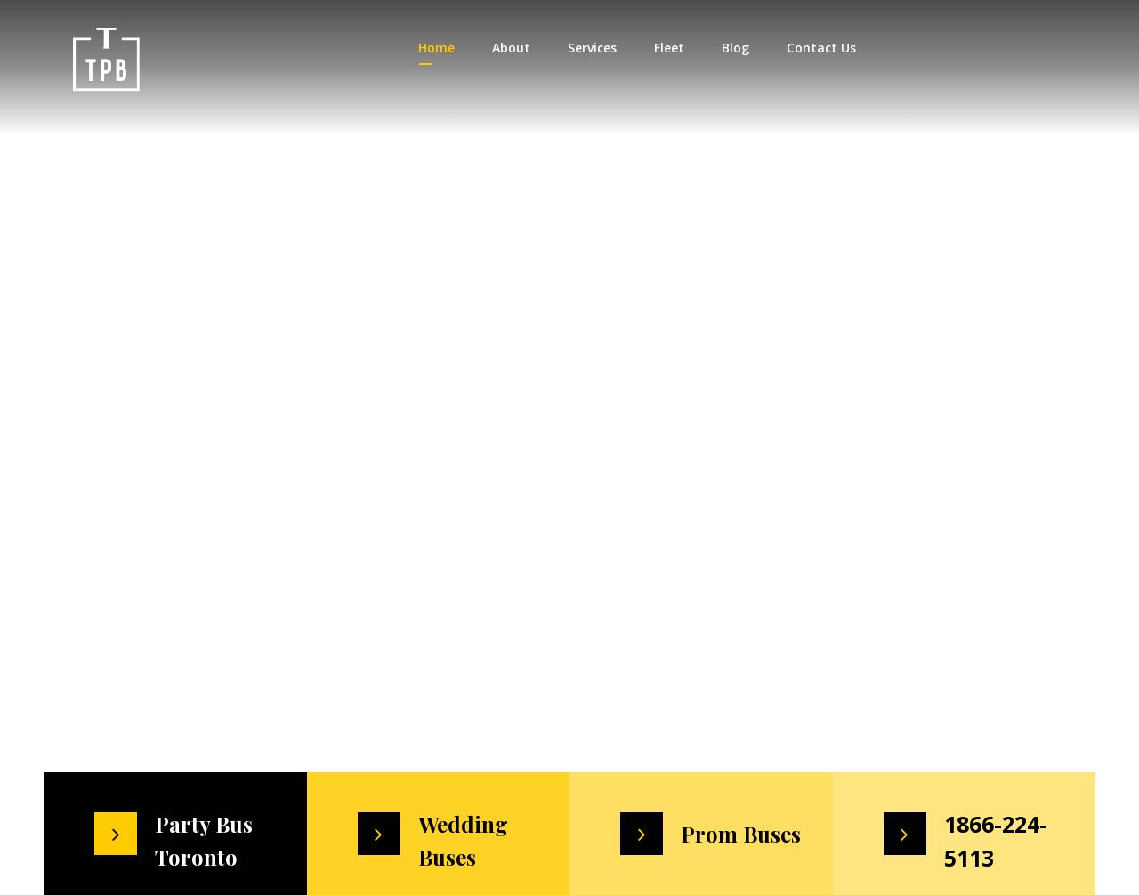  I want to click on 'Party Bus Toronto', so click(154, 839).